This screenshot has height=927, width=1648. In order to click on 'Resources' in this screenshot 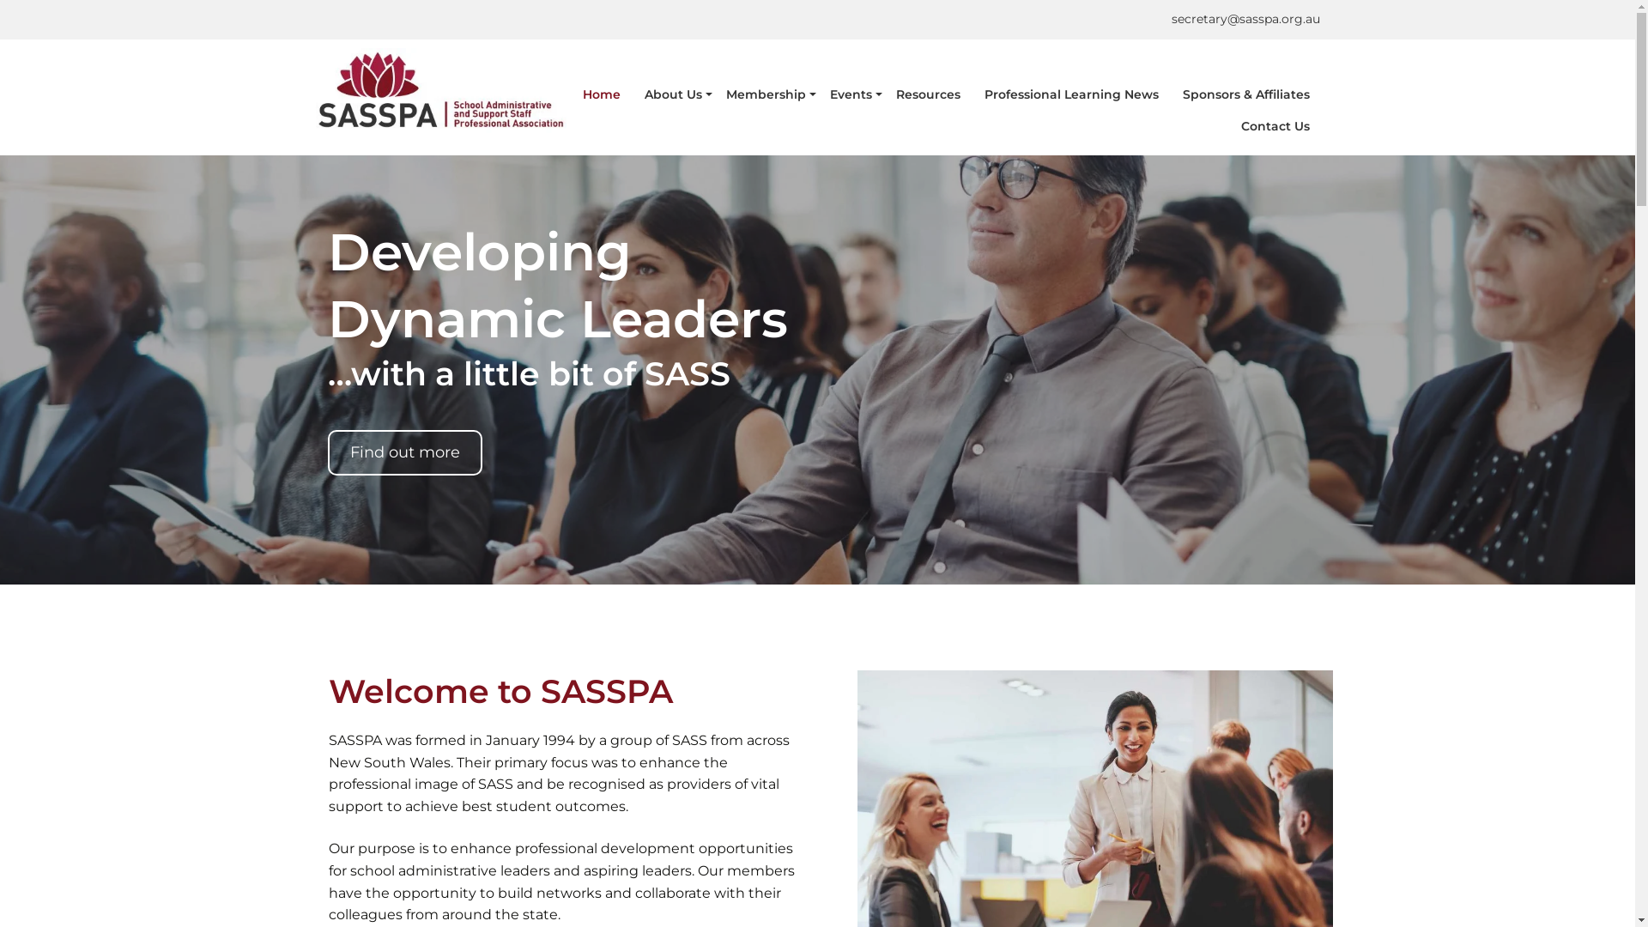, I will do `click(886, 94)`.